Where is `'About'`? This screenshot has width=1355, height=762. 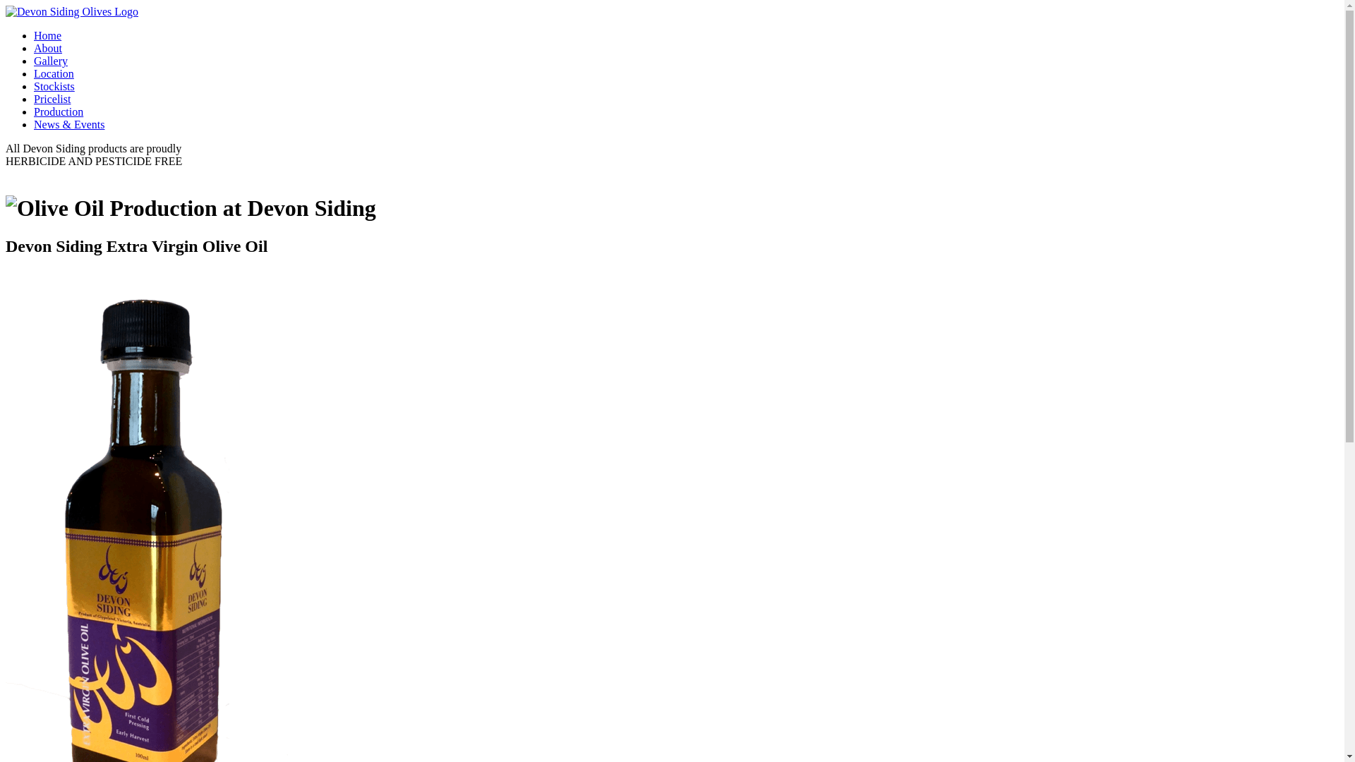
'About' is located at coordinates (47, 47).